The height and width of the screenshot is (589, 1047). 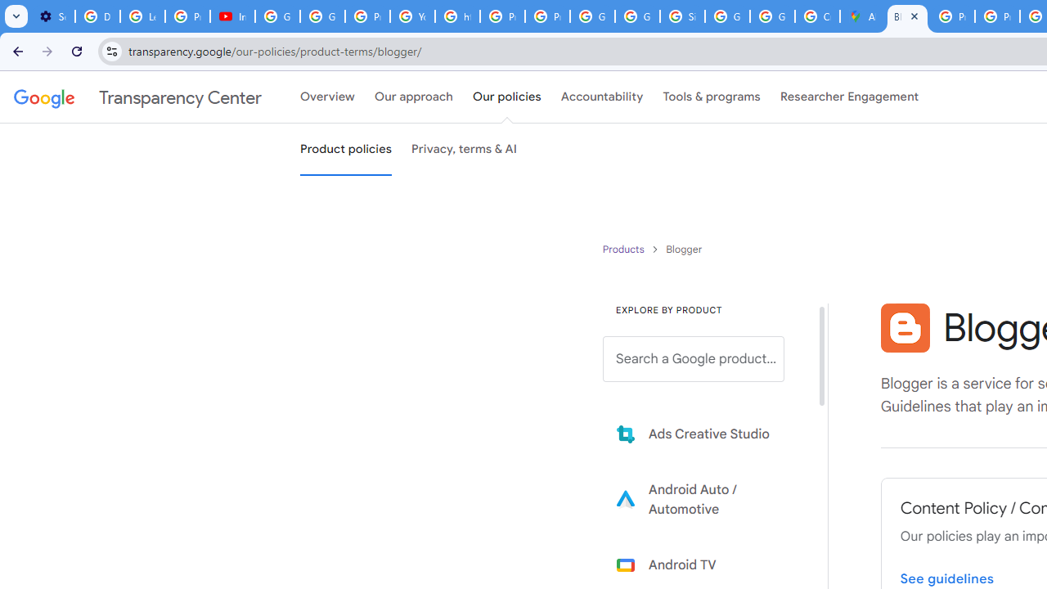 What do you see at coordinates (97, 16) in the screenshot?
I see `'Delete photos & videos - Computer - Google Photos Help'` at bounding box center [97, 16].